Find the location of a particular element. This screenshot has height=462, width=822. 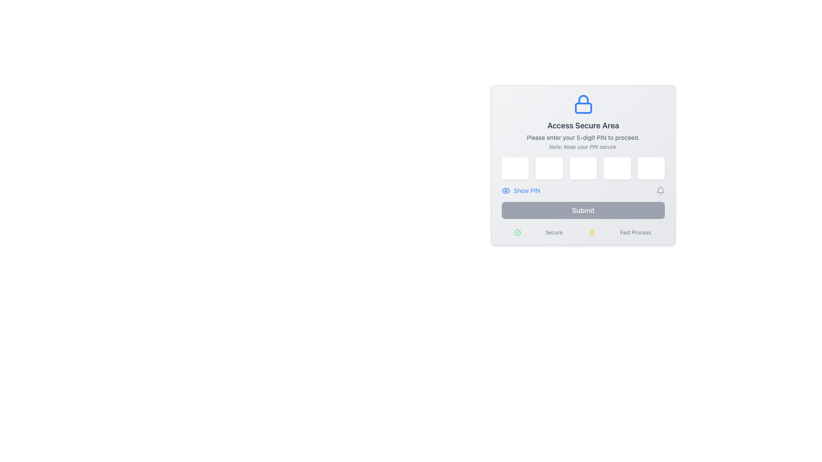

informational text block containing the heading 'Access Secure Area' and the instruction to enter a 5-digit PIN, located below the lock icon and above the PIN input fields is located at coordinates (583, 122).